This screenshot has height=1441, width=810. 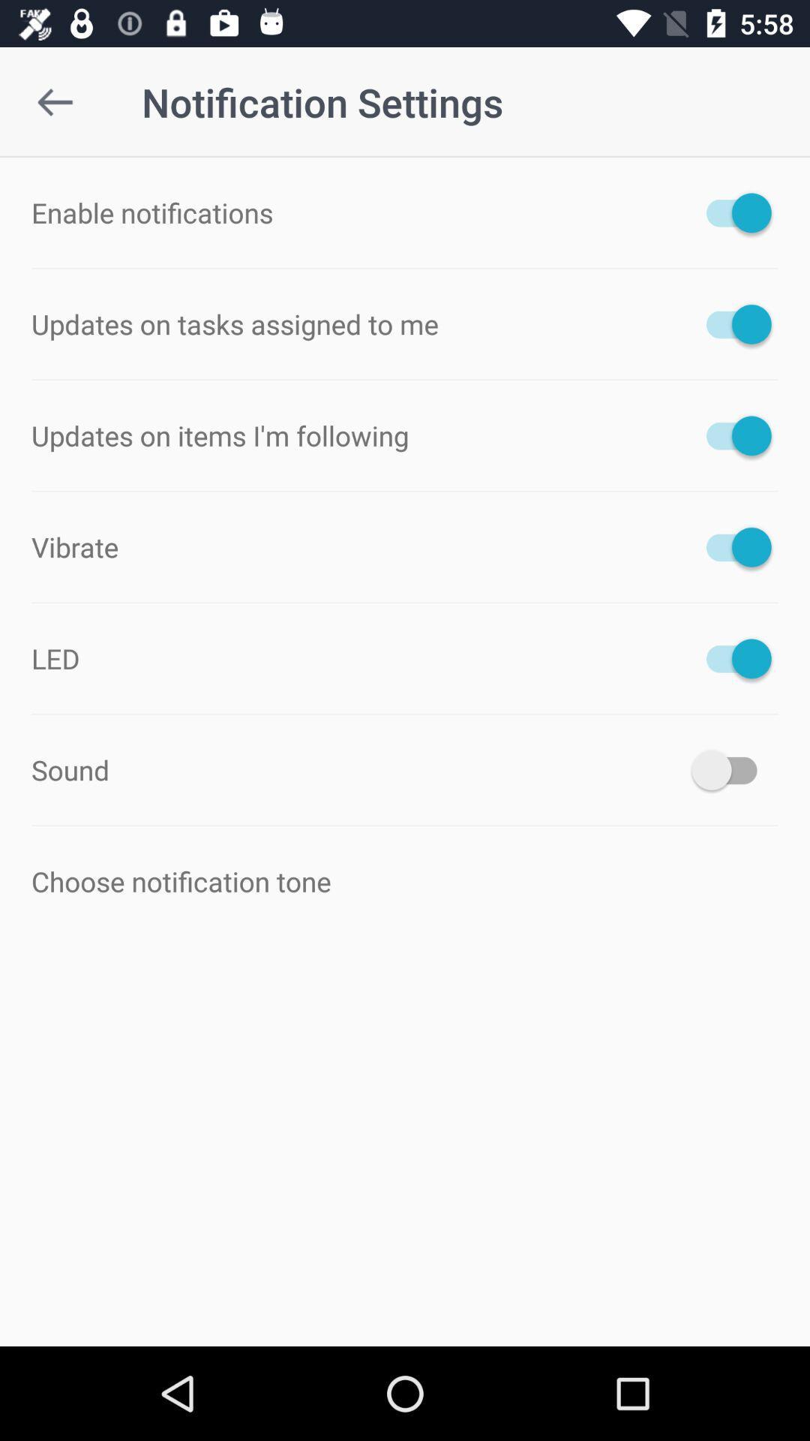 What do you see at coordinates (730, 323) in the screenshot?
I see `on/off button` at bounding box center [730, 323].